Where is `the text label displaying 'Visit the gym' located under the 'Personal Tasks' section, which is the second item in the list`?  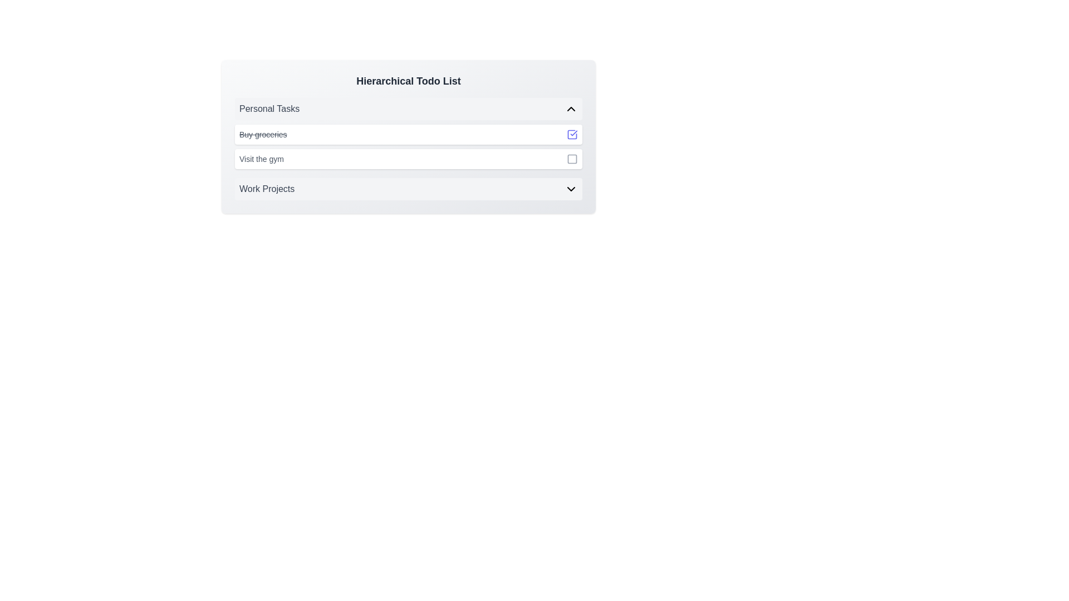
the text label displaying 'Visit the gym' located under the 'Personal Tasks' section, which is the second item in the list is located at coordinates (261, 159).